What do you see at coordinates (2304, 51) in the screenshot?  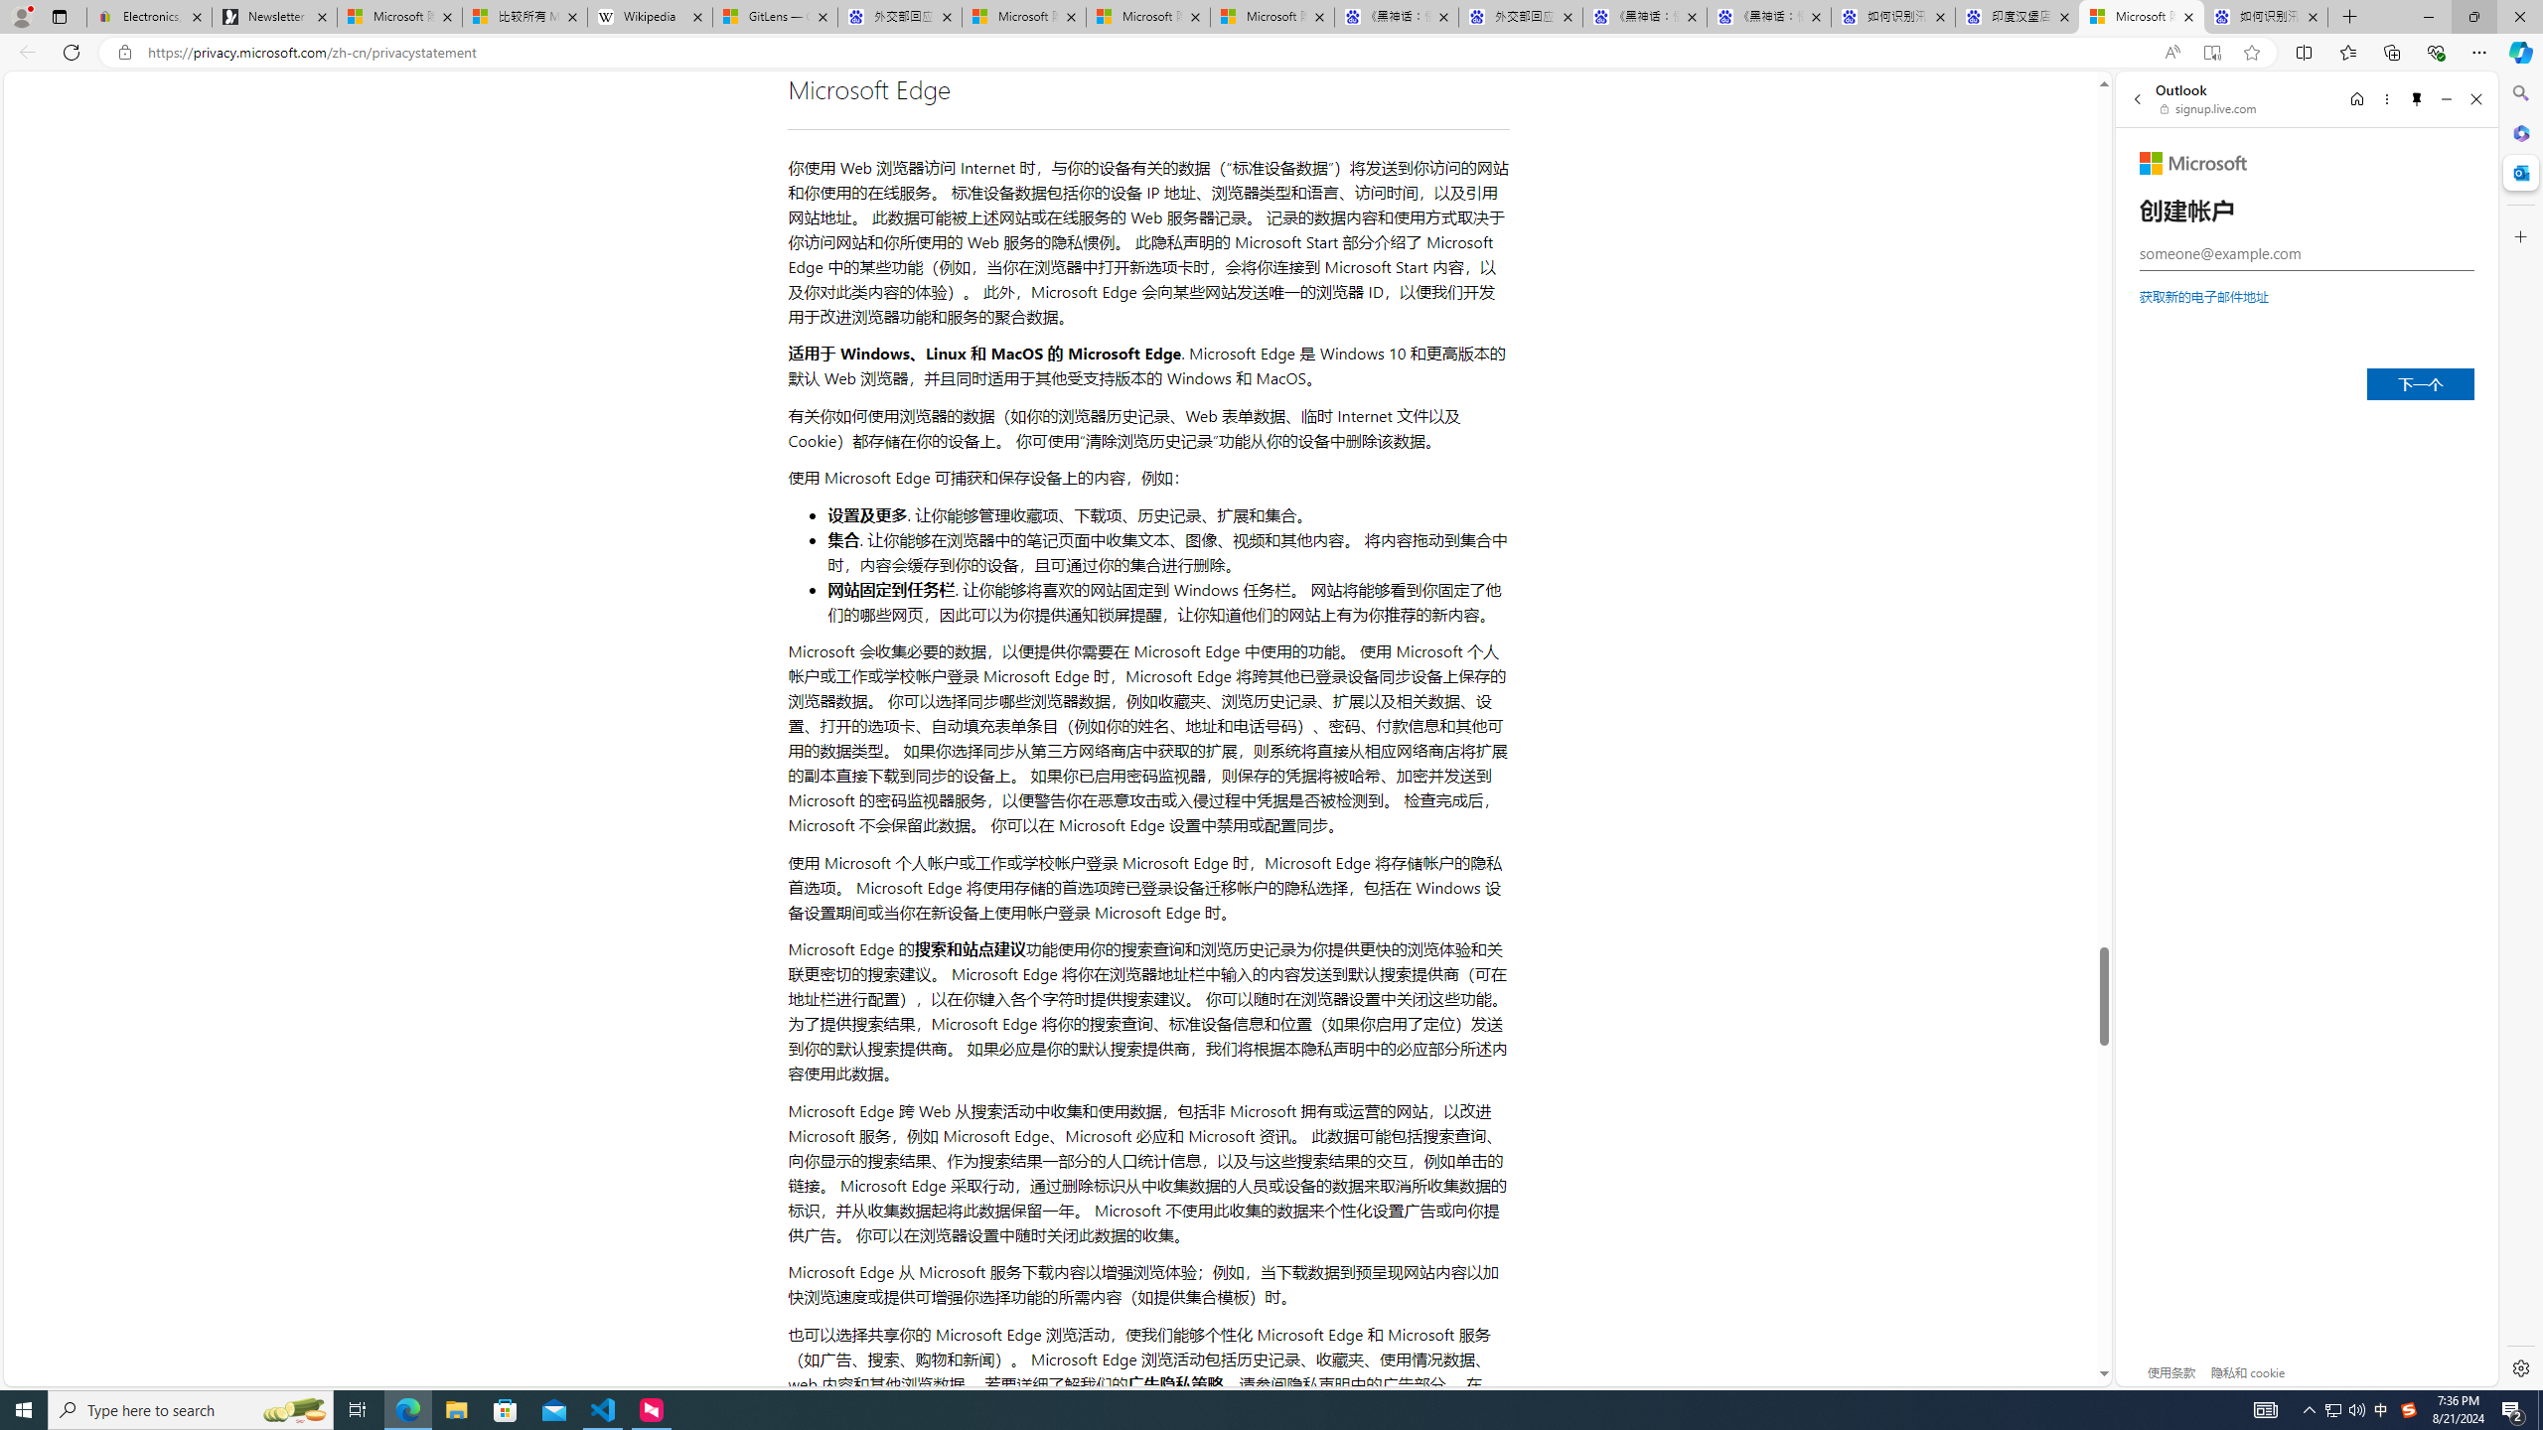 I see `'Split screen'` at bounding box center [2304, 51].